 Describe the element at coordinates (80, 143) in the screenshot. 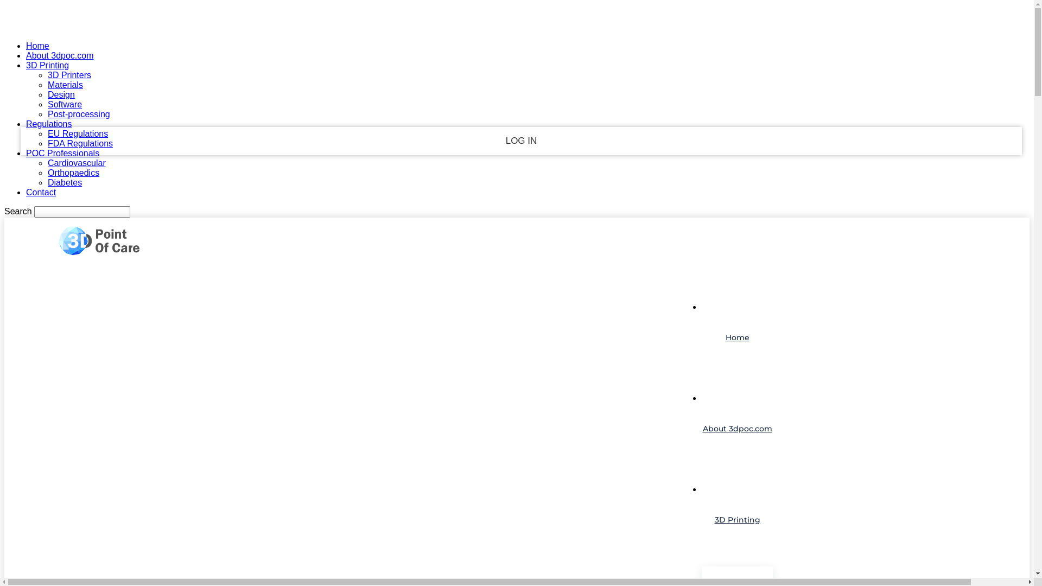

I see `'FDA Regulations'` at that location.